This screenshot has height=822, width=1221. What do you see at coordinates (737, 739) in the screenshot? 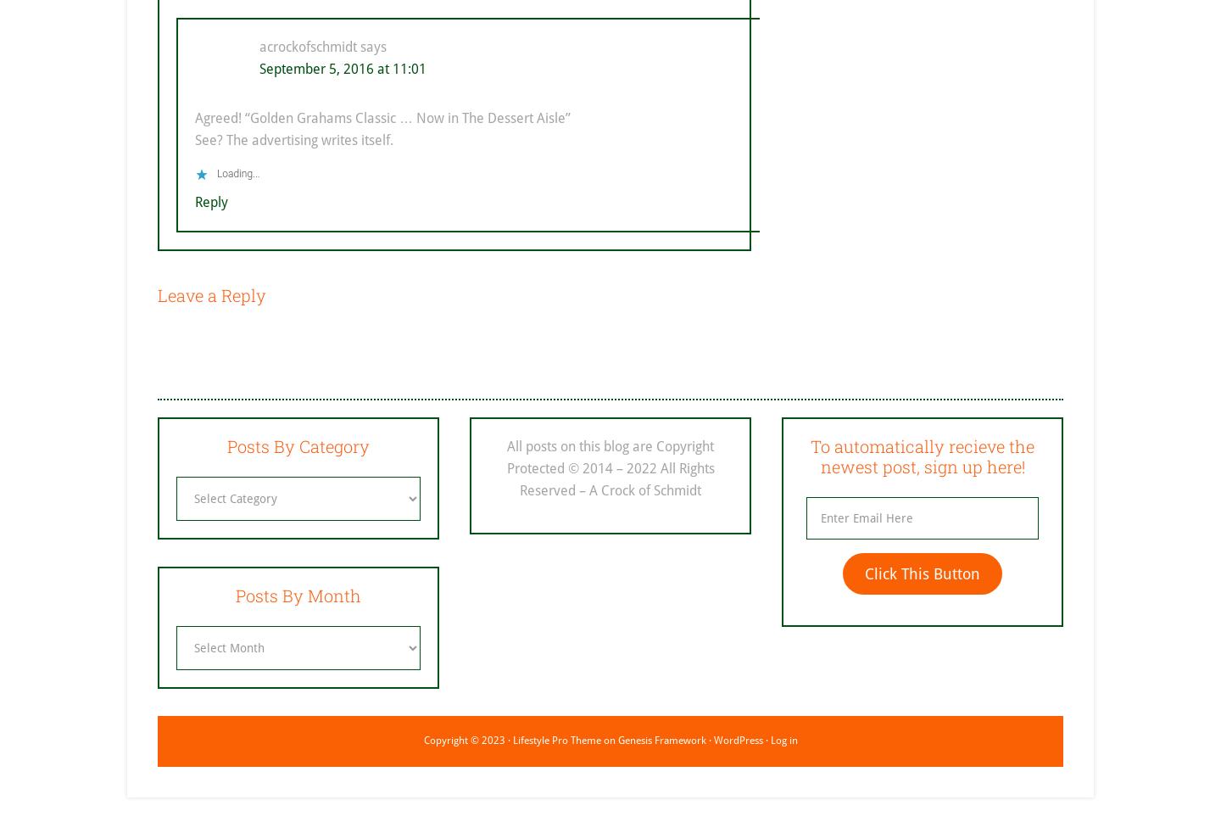
I see `'WordPress'` at bounding box center [737, 739].